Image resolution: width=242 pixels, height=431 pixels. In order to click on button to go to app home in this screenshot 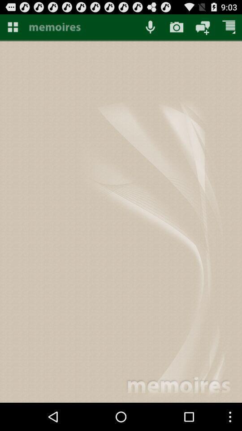, I will do `click(82, 27)`.